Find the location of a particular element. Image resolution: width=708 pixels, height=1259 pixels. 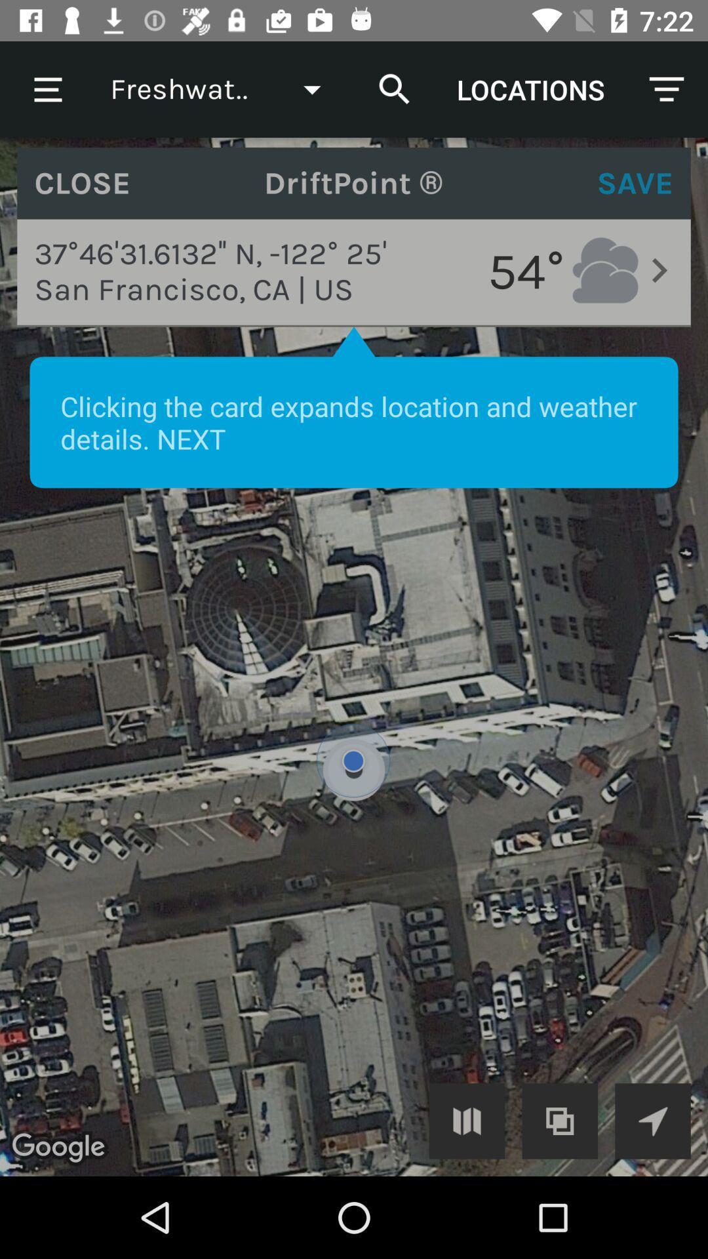

uparrow is located at coordinates (652, 1120).